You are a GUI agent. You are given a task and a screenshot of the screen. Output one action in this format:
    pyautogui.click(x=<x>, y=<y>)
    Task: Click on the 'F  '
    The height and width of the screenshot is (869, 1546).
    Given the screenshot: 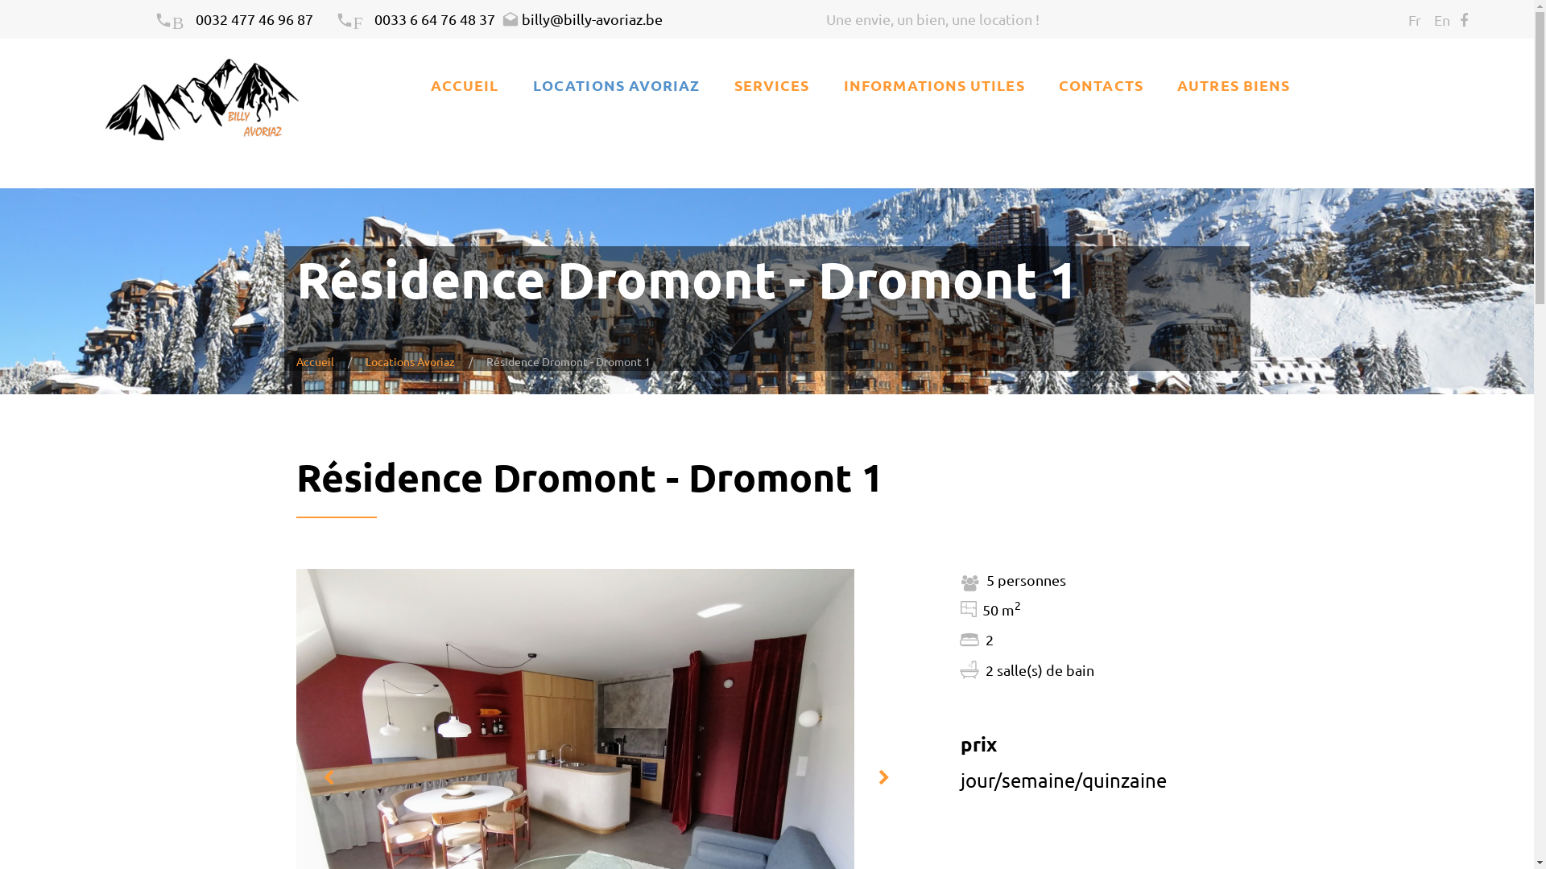 What is the action you would take?
    pyautogui.click(x=353, y=19)
    